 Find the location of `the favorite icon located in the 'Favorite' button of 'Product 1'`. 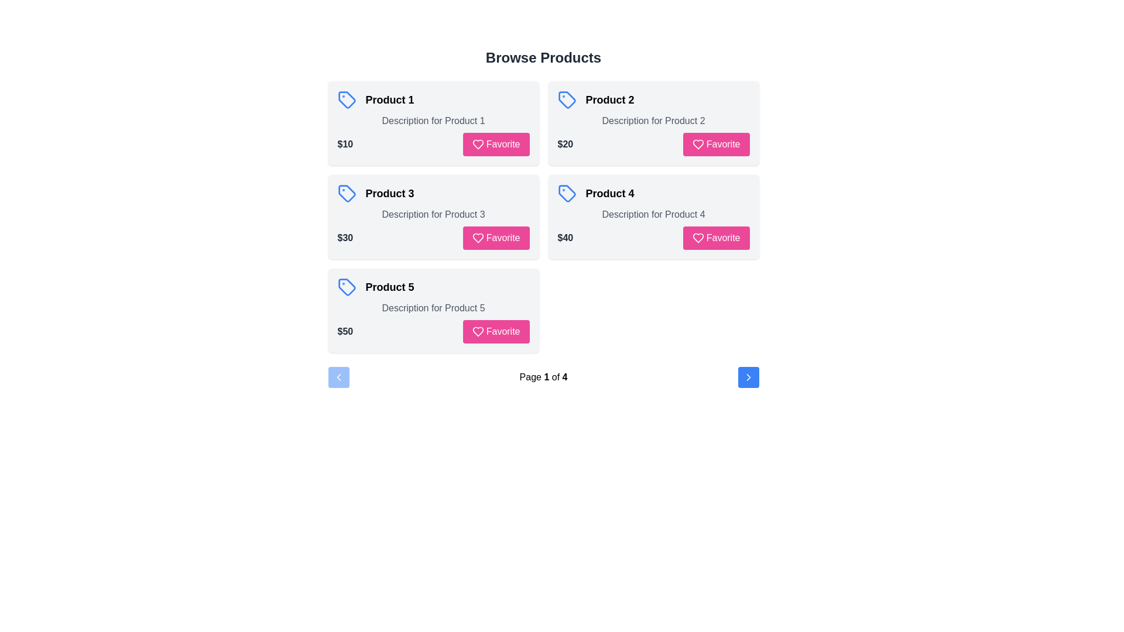

the favorite icon located in the 'Favorite' button of 'Product 1' is located at coordinates (478, 143).